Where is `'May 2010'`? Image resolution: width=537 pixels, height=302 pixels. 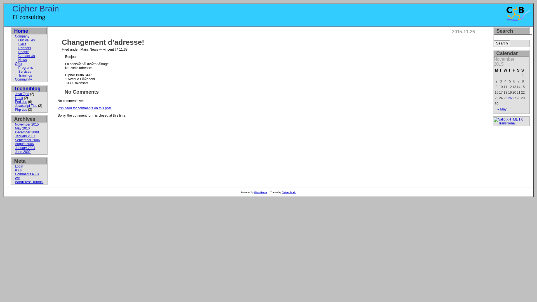 'May 2010' is located at coordinates (22, 128).